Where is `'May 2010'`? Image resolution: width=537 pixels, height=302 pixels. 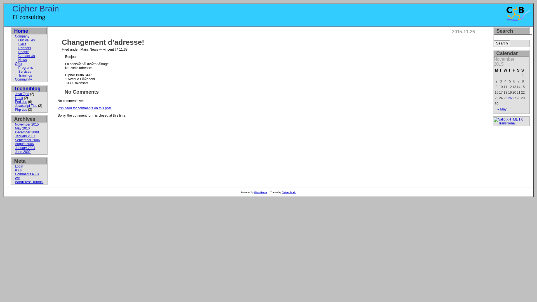 'May 2010' is located at coordinates (22, 128).